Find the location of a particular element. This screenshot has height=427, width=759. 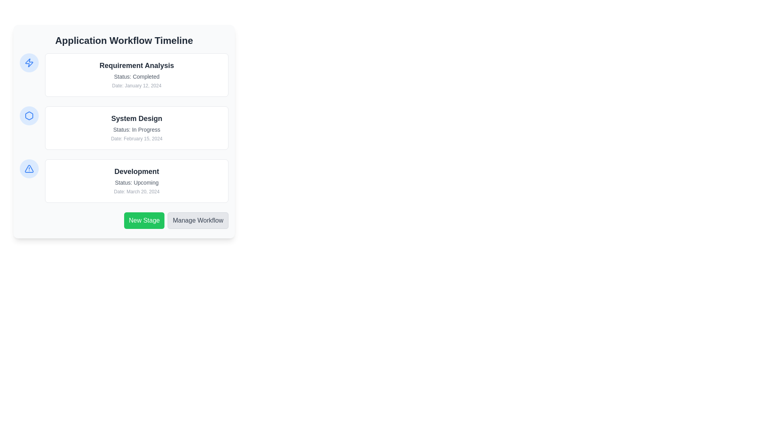

text label element that displays 'Requirement Analysis', which is bold and prominently styled at the top of the workflow timeline is located at coordinates (136, 65).